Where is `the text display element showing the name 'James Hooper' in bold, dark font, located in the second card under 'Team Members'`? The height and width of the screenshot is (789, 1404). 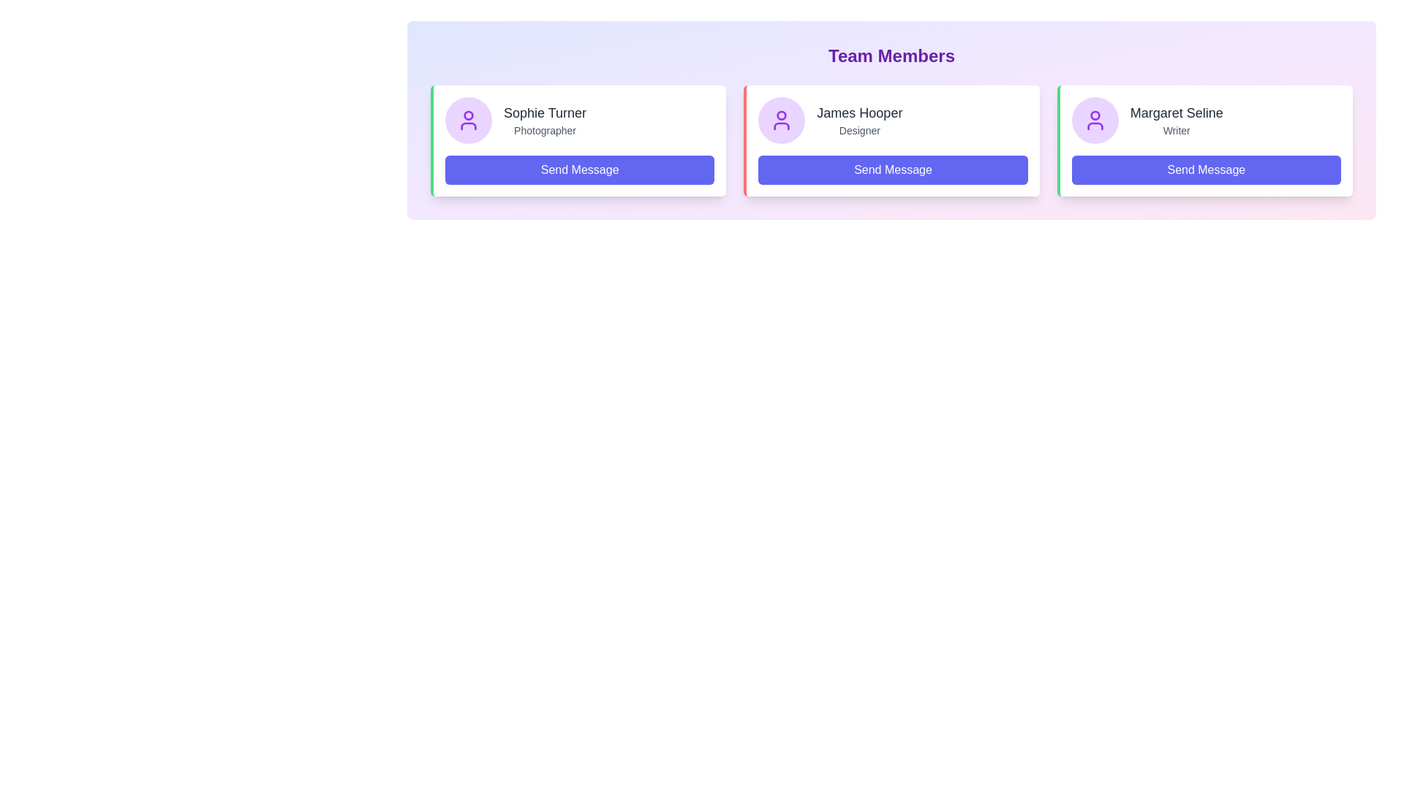
the text display element showing the name 'James Hooper' in bold, dark font, located in the second card under 'Team Members' is located at coordinates (859, 112).